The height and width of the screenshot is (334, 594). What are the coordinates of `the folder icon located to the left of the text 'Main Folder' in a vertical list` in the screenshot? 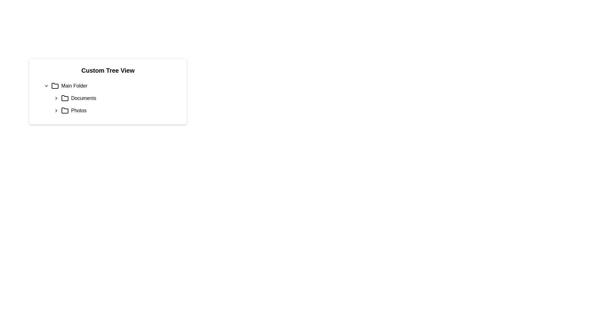 It's located at (55, 86).